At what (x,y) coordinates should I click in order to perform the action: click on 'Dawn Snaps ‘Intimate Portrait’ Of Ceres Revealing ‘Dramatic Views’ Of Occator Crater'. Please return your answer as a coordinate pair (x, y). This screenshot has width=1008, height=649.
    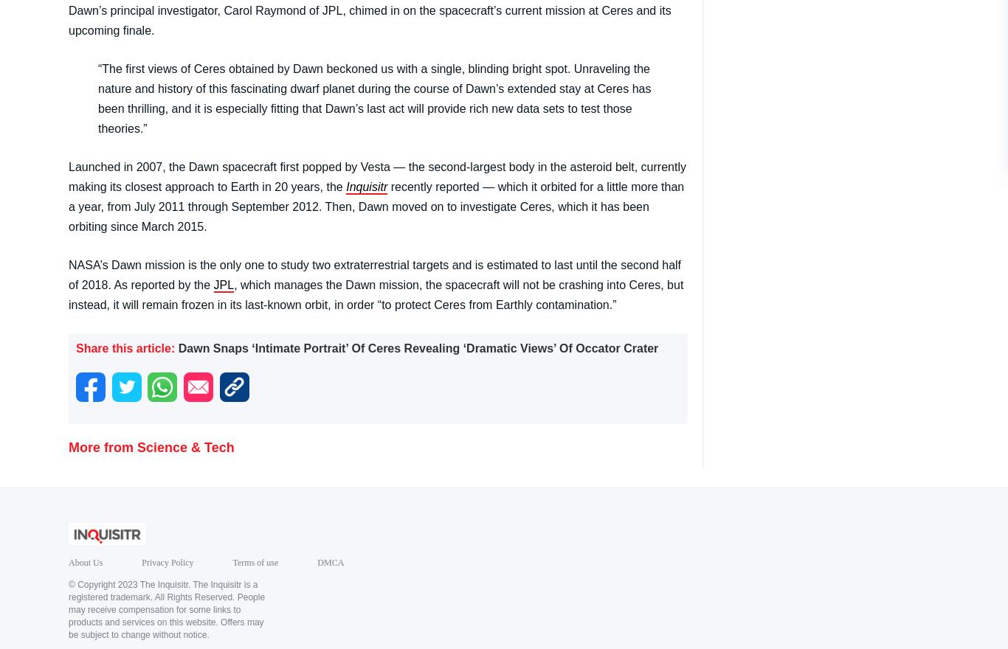
    Looking at the image, I should click on (418, 347).